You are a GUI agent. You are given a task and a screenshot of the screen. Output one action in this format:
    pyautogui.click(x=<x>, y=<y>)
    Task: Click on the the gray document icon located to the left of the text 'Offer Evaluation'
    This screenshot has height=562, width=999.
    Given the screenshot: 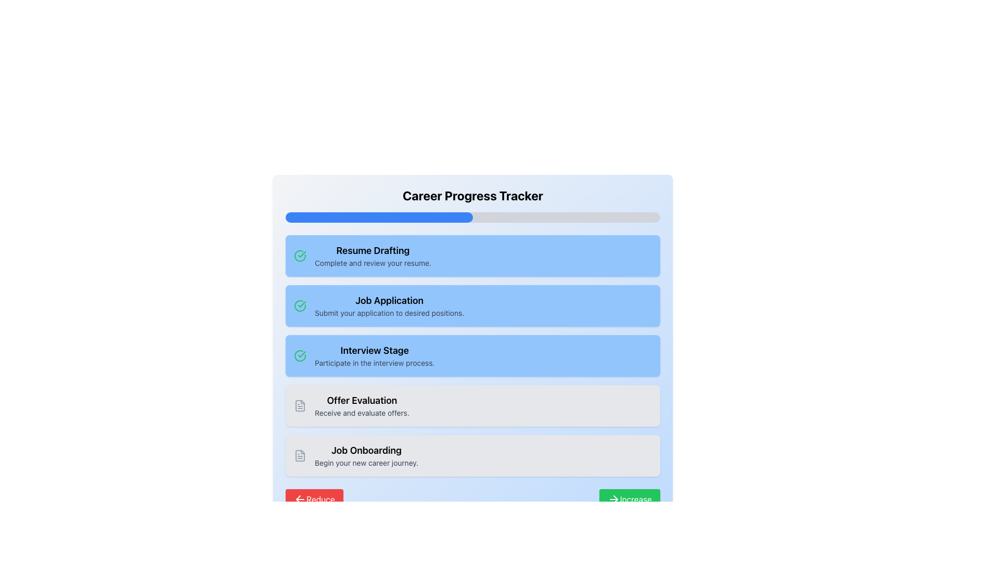 What is the action you would take?
    pyautogui.click(x=299, y=405)
    